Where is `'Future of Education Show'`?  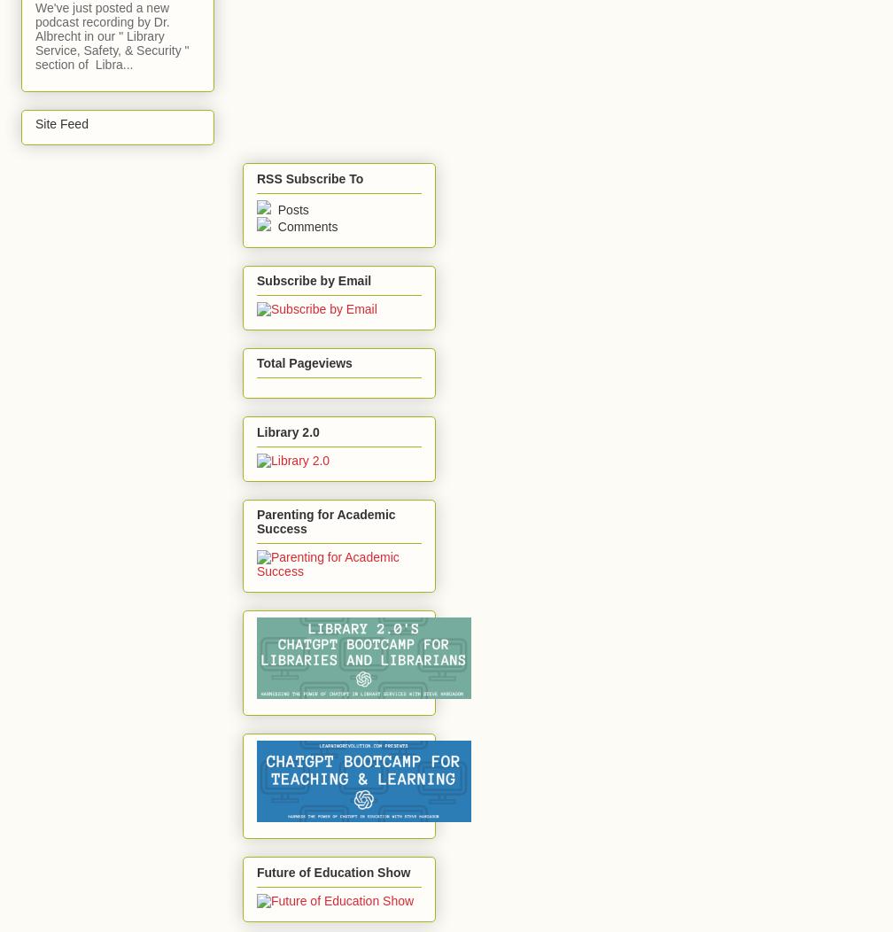 'Future of Education Show' is located at coordinates (333, 872).